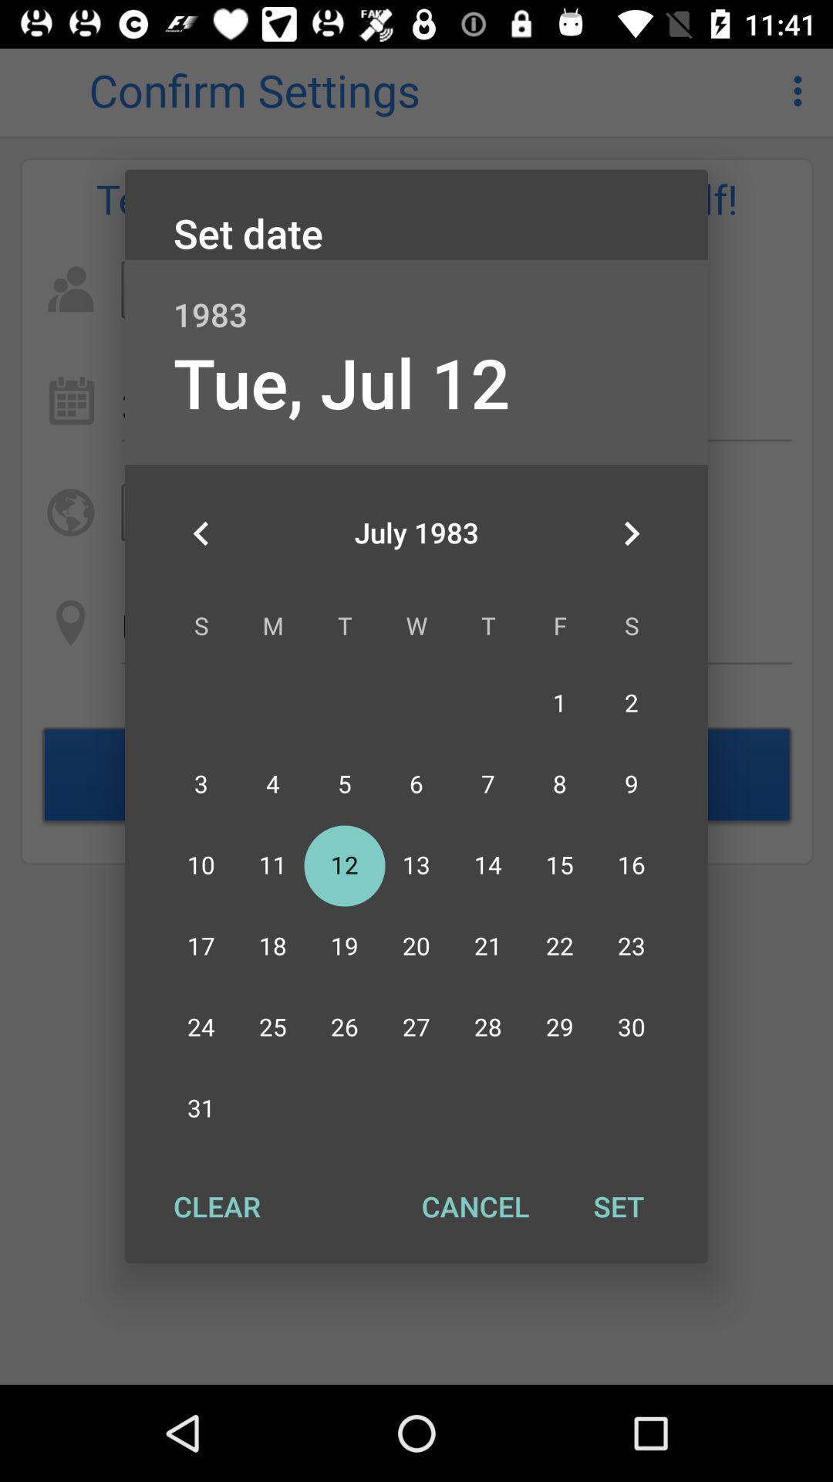  I want to click on the icon to the right of the clear item, so click(474, 1206).